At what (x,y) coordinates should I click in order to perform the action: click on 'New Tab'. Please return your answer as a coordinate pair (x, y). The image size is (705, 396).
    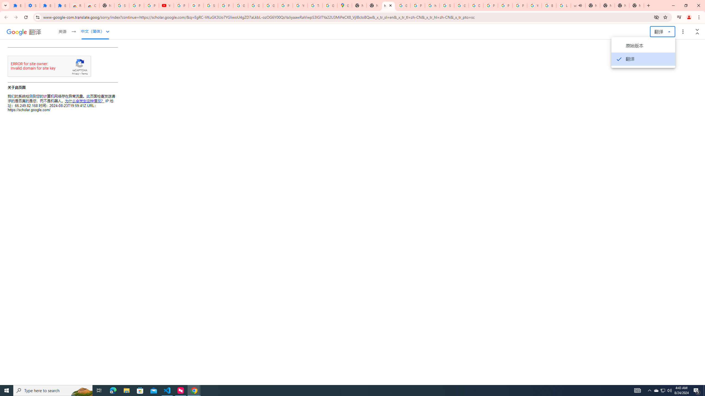
    Looking at the image, I should click on (622, 5).